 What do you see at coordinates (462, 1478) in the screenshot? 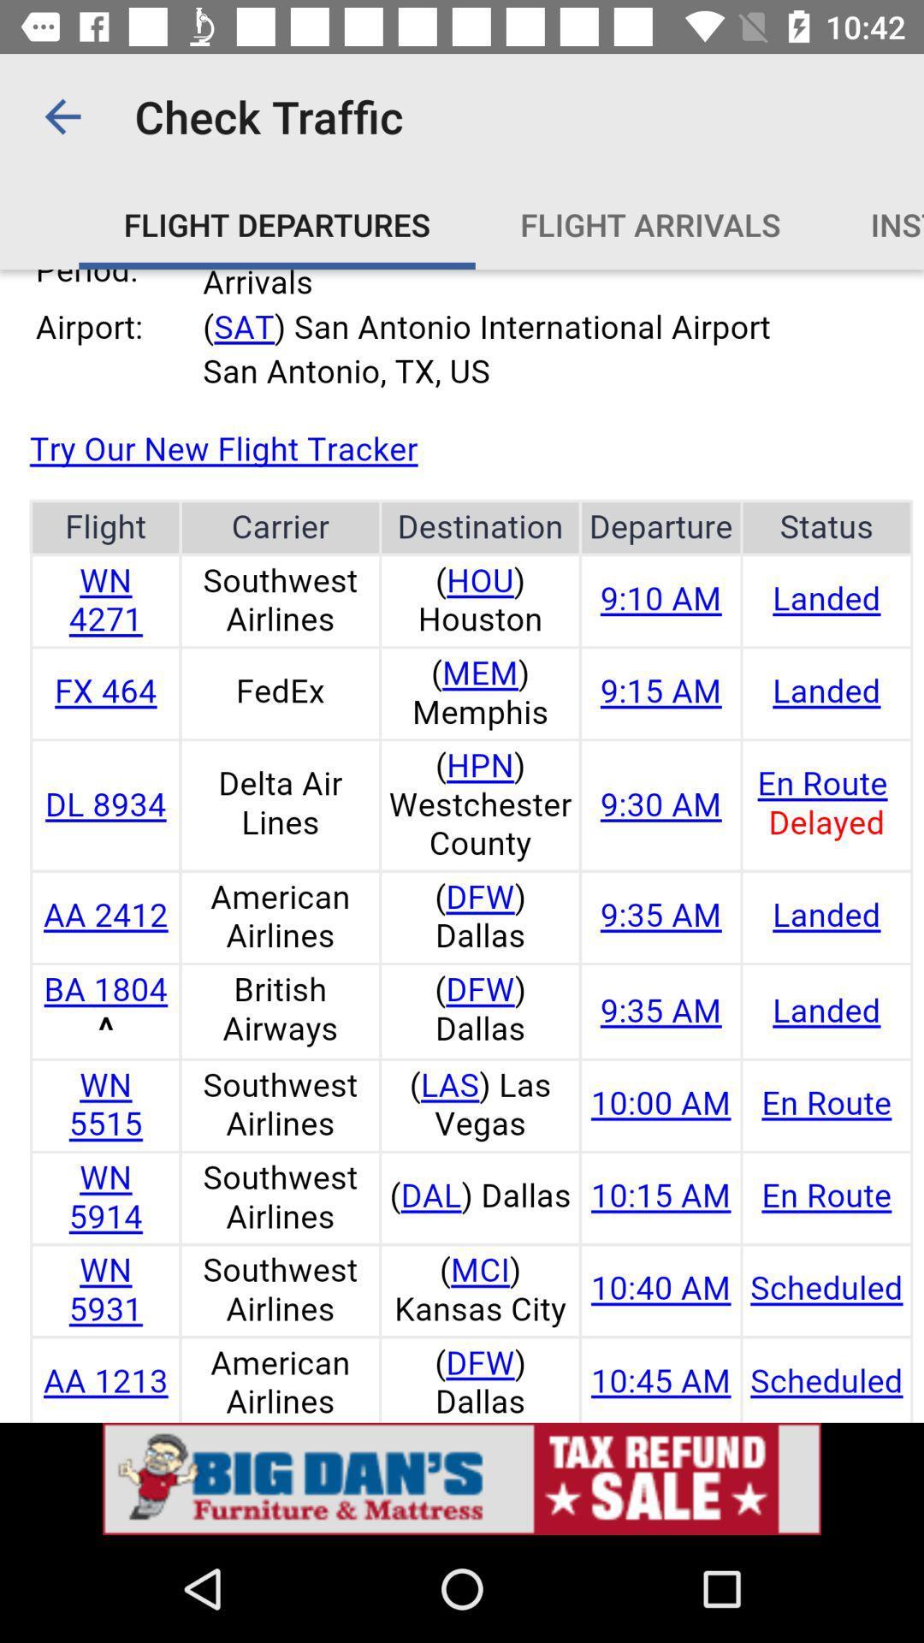
I see `advertisement option` at bounding box center [462, 1478].